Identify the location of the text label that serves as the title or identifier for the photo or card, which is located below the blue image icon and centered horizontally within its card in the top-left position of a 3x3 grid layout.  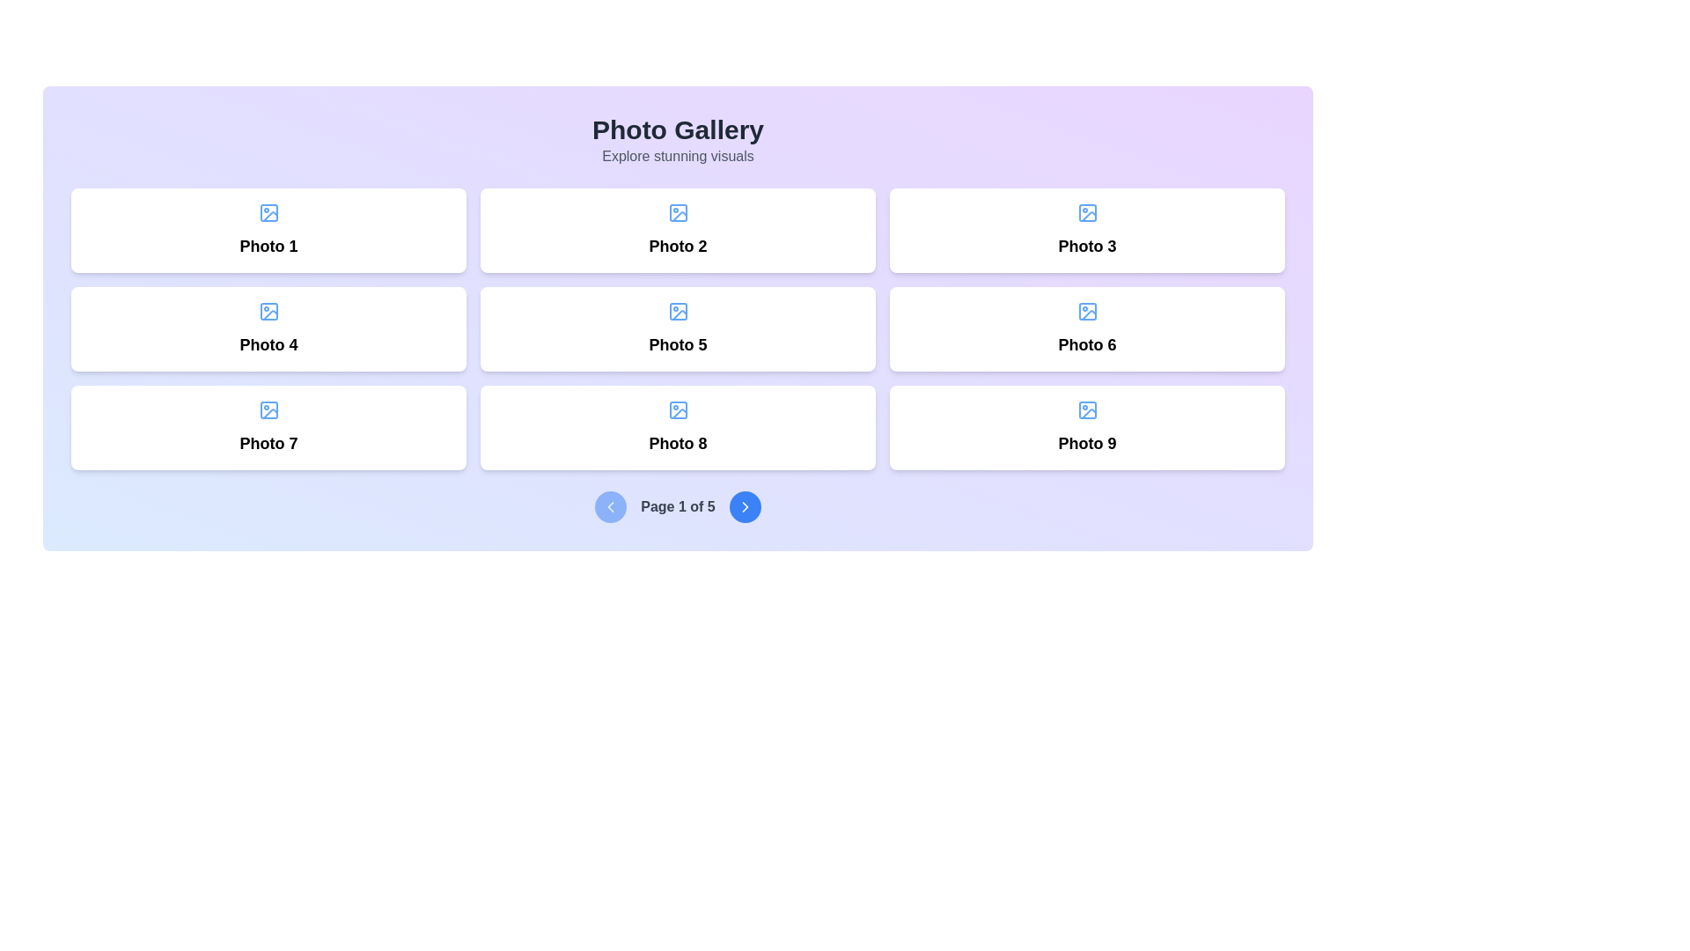
(268, 247).